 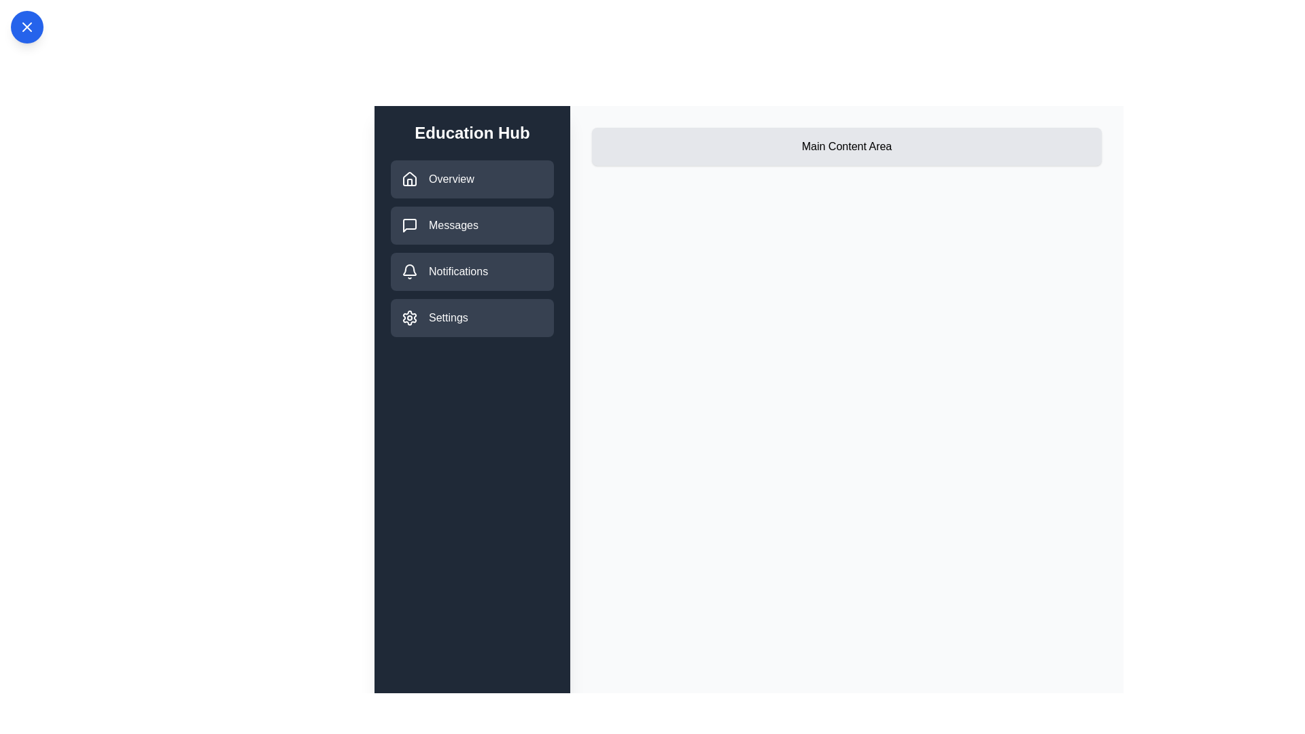 I want to click on the drawer title 'Education Hub', so click(x=472, y=133).